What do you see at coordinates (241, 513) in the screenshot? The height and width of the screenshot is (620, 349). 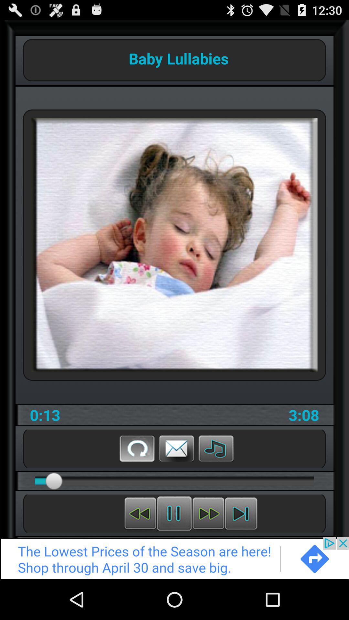 I see `next lullaby` at bounding box center [241, 513].